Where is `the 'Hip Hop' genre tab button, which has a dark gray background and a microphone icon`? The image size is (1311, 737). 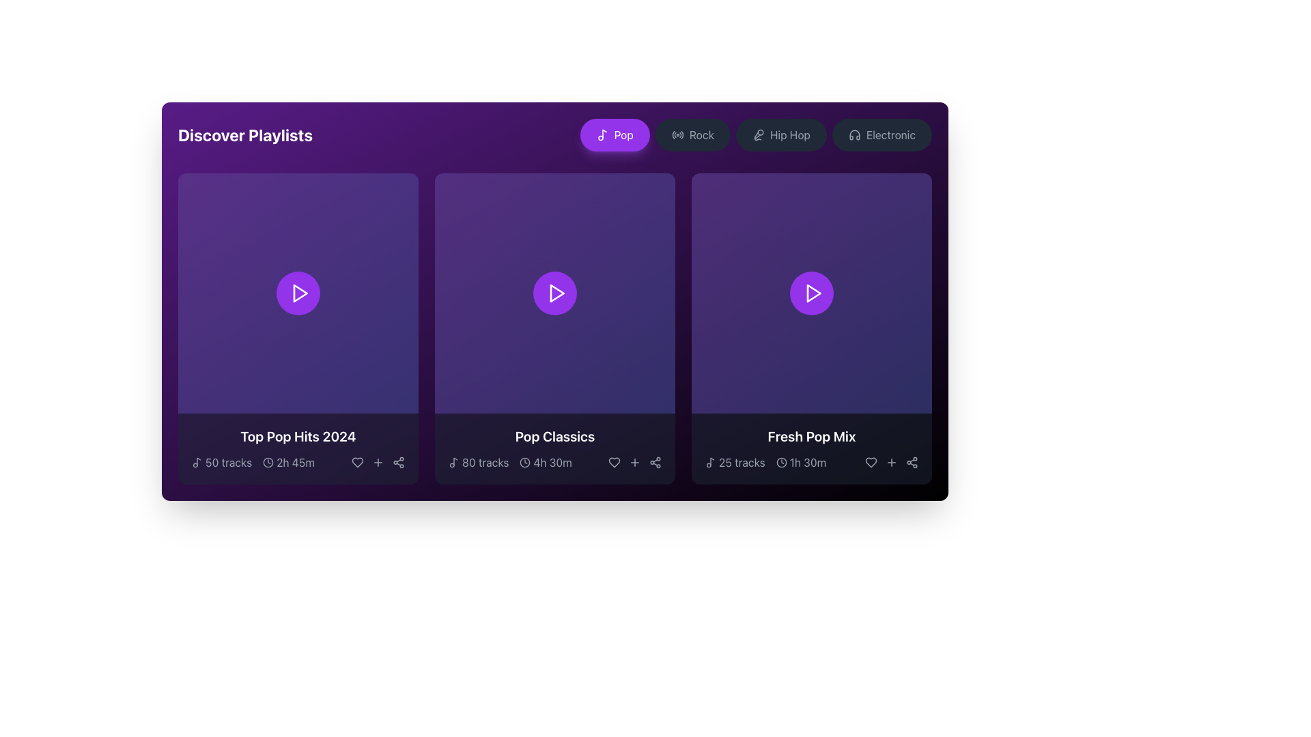 the 'Hip Hop' genre tab button, which has a dark gray background and a microphone icon is located at coordinates (755, 134).